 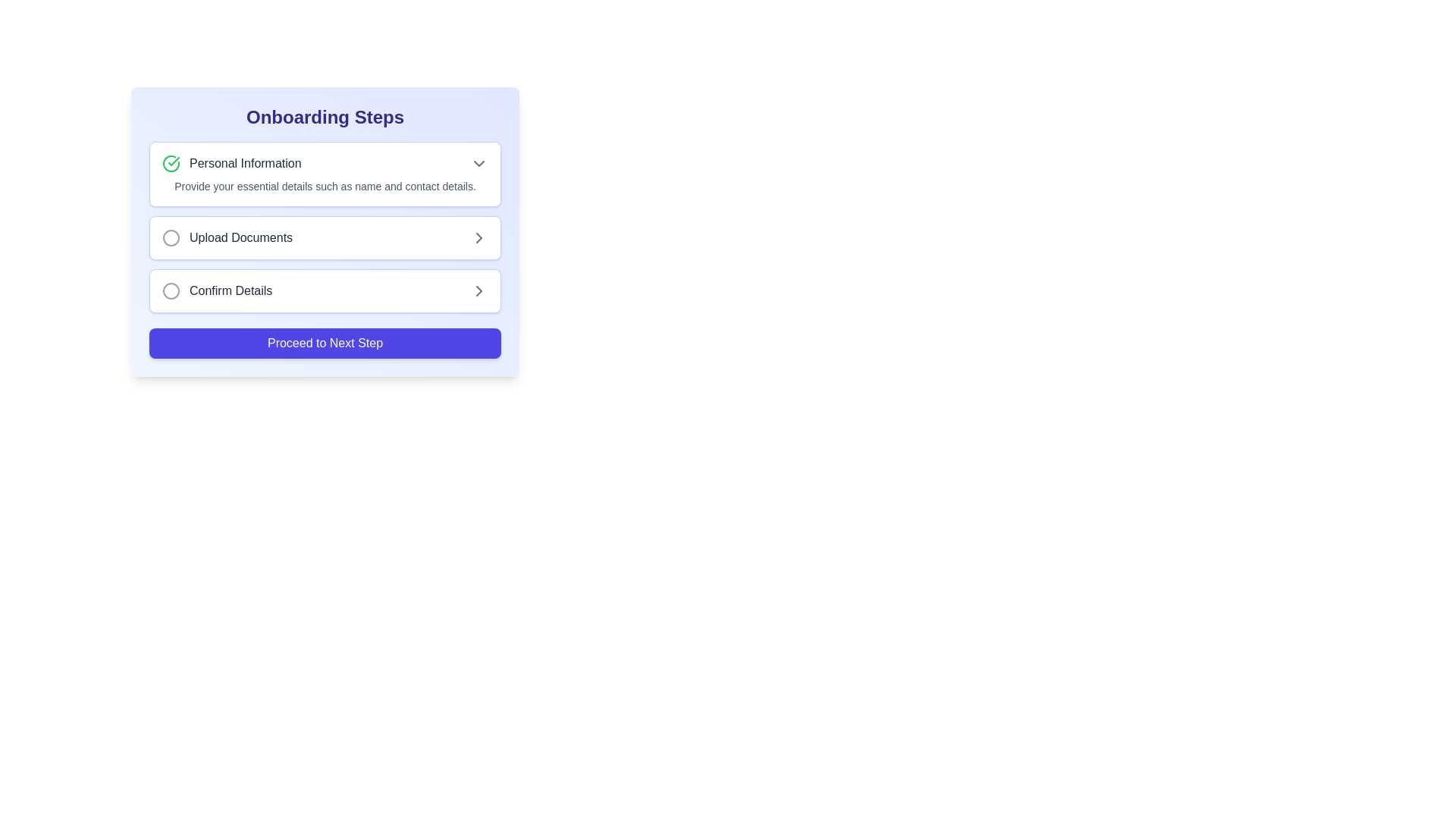 I want to click on the text label that reads 'Provide your essential details such as name and contact details.' located beneath the heading 'Personal Information' in the onboarding steps panel, so click(x=324, y=186).